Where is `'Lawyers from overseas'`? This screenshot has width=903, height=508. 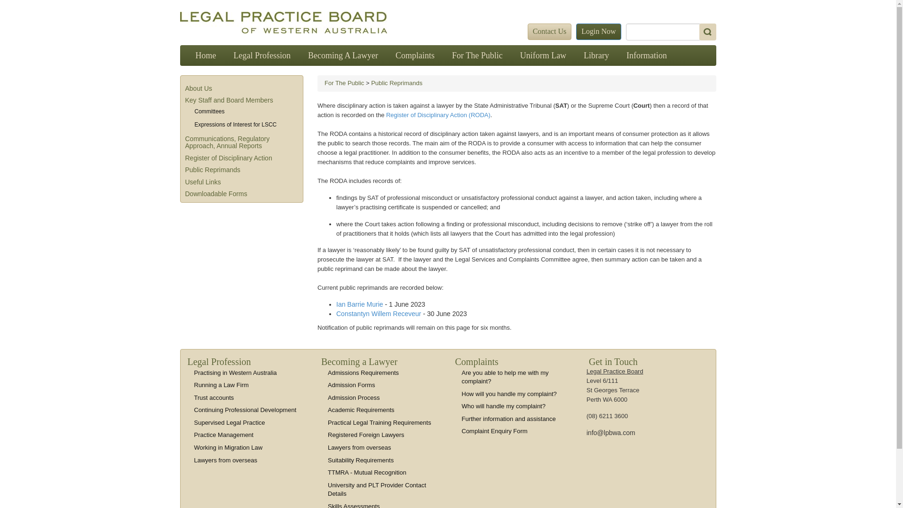 'Lawyers from overseas' is located at coordinates (358, 447).